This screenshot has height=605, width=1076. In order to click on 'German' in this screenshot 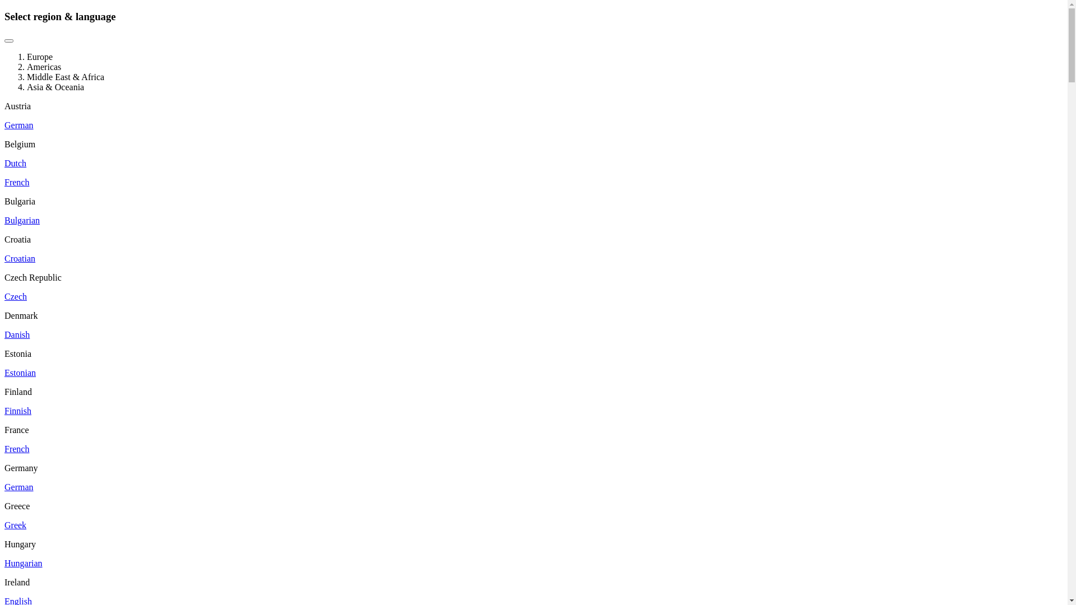, I will do `click(18, 125)`.